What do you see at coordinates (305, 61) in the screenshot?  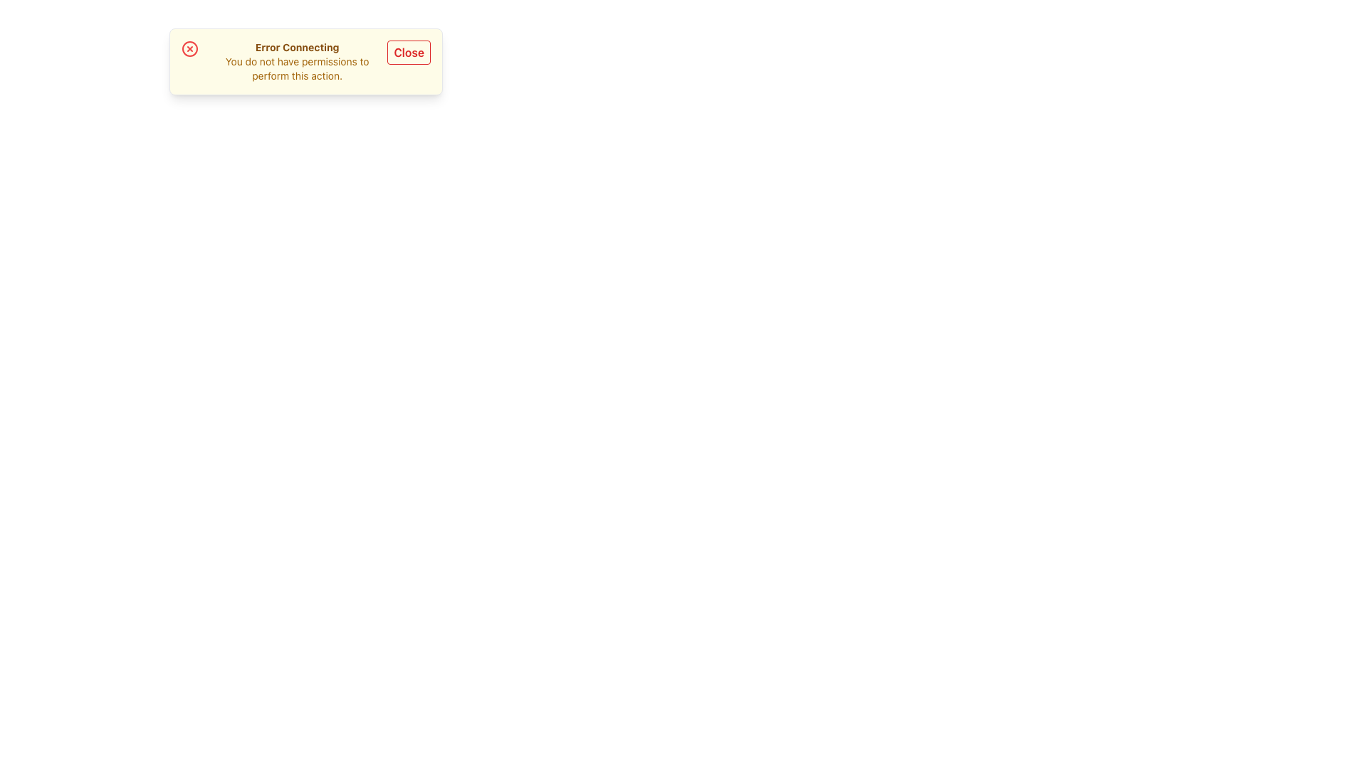 I see `error message from the Notification Panel titled 'Error Connecting' which has a light yellow background and a red-bordered 'Close' button` at bounding box center [305, 61].